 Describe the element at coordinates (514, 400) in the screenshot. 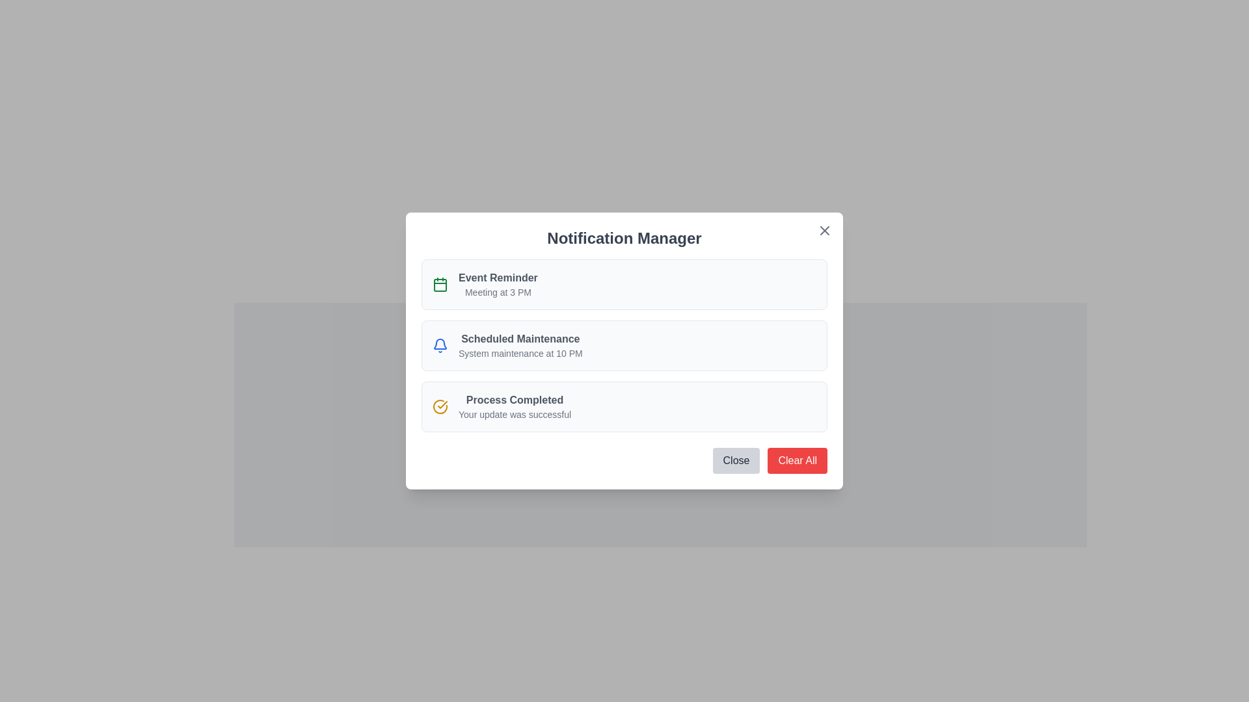

I see `text displayed in the completion status message of the Text Label located in the header of the third notification card in the 'Notification Manager' modal` at that location.